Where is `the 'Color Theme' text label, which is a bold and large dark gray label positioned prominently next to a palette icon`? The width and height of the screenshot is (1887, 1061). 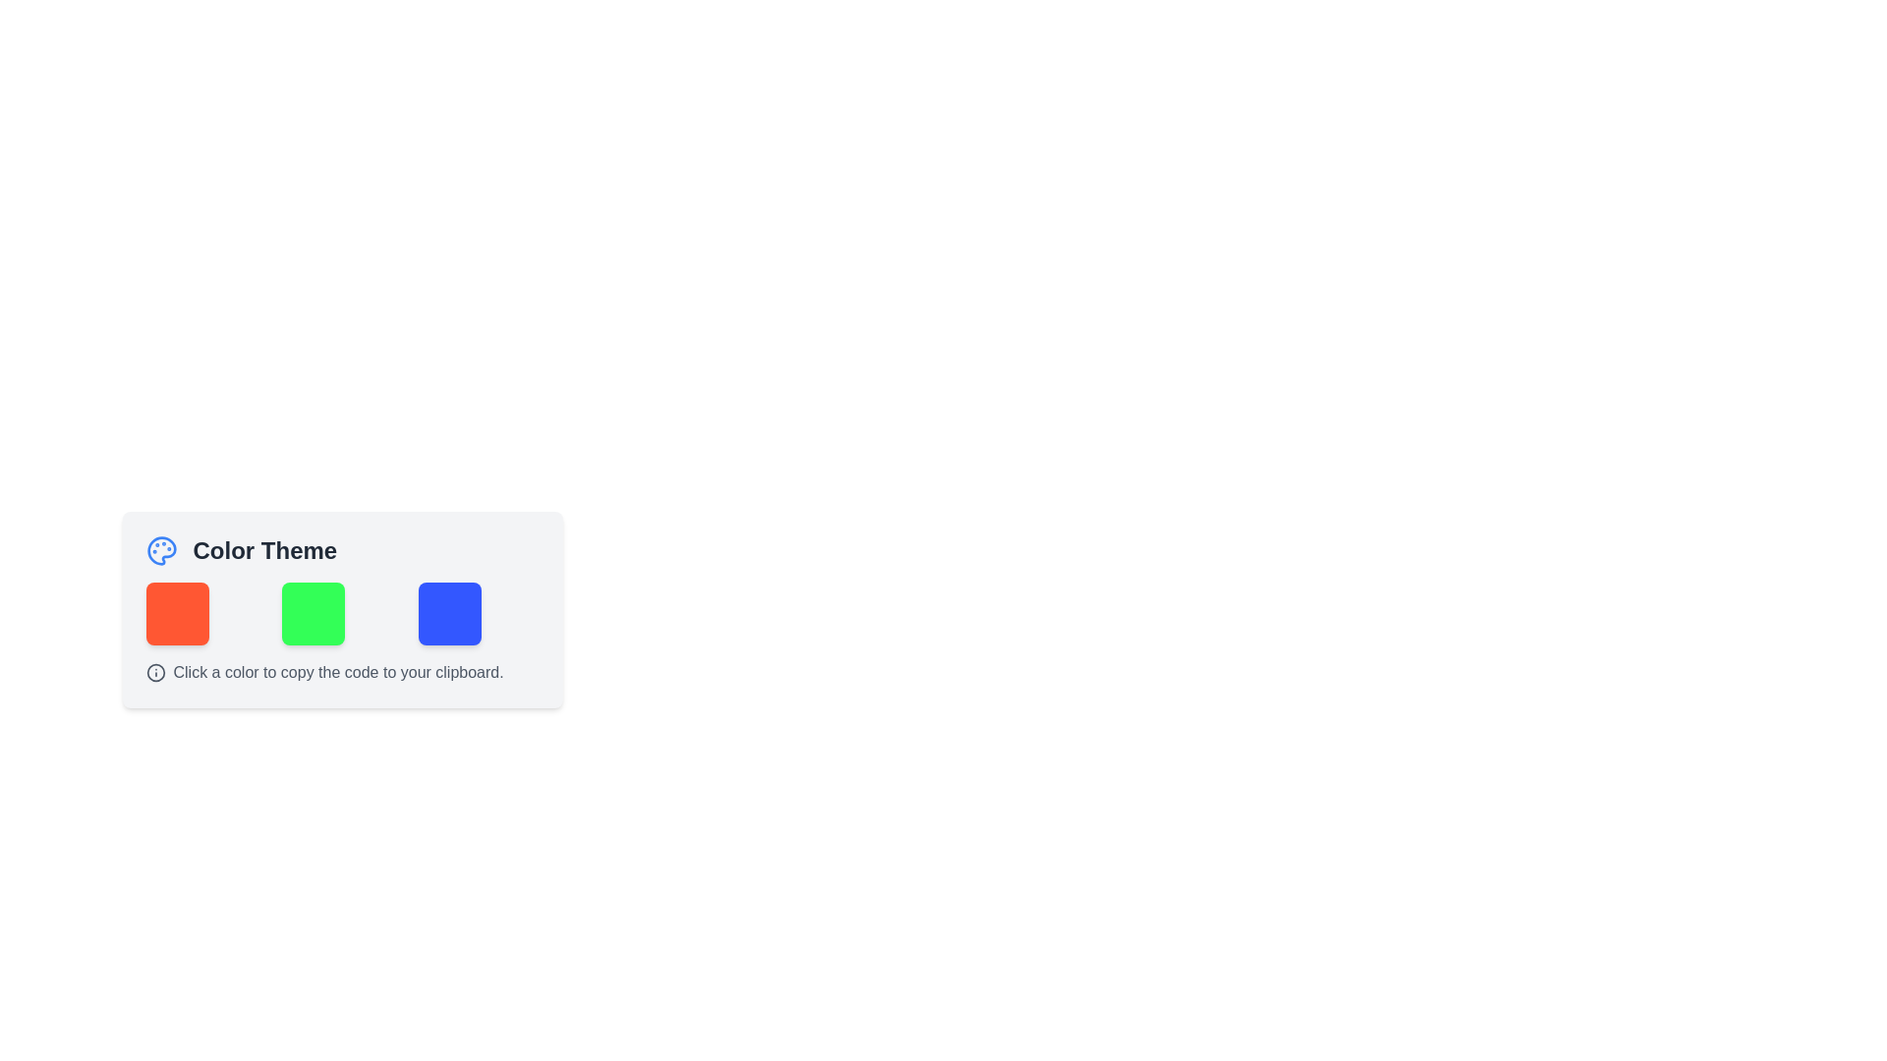 the 'Color Theme' text label, which is a bold and large dark gray label positioned prominently next to a palette icon is located at coordinates (263, 550).